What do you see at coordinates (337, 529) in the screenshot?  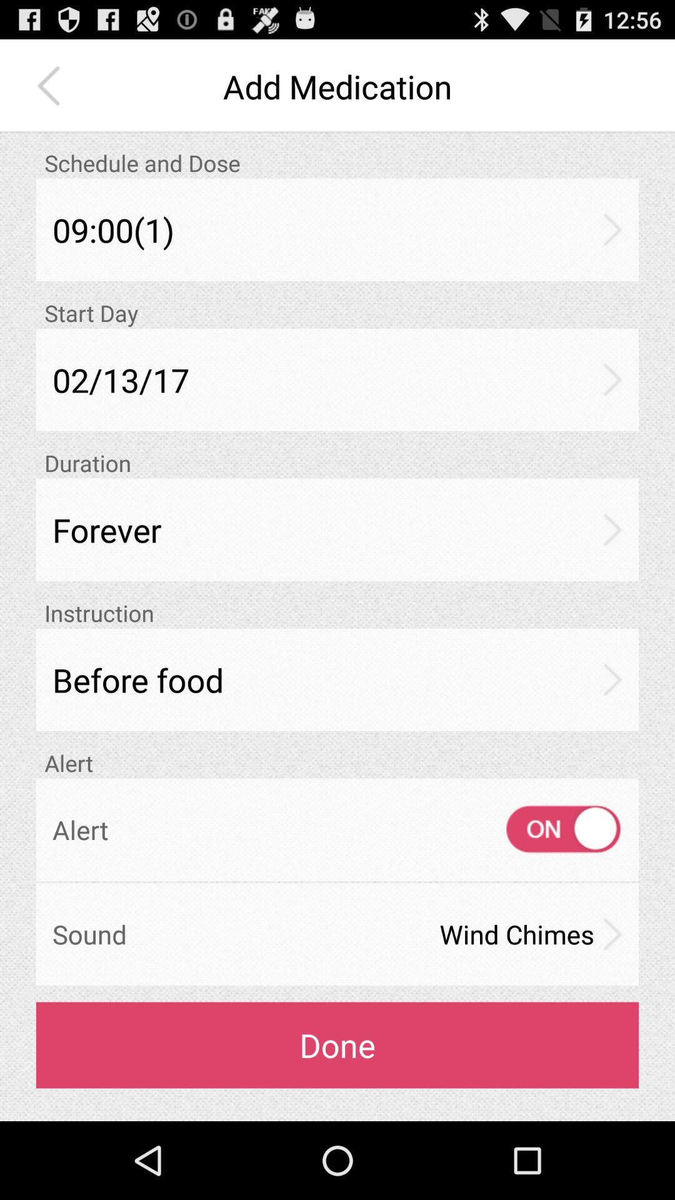 I see `forever item` at bounding box center [337, 529].